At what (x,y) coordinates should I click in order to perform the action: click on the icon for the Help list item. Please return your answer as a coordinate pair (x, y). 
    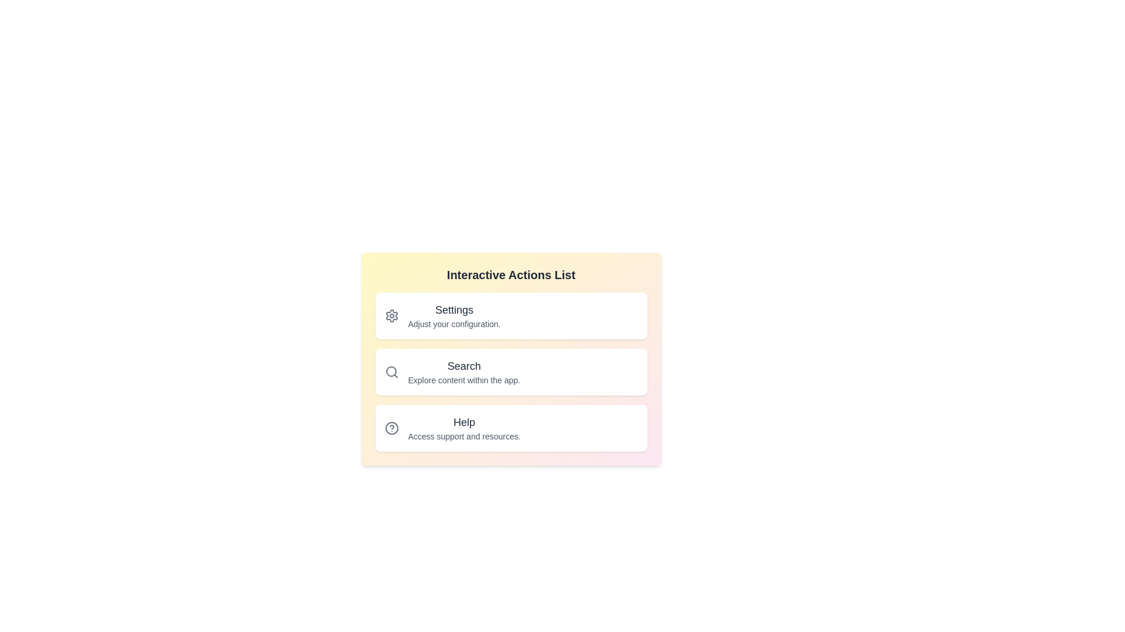
    Looking at the image, I should click on (391, 428).